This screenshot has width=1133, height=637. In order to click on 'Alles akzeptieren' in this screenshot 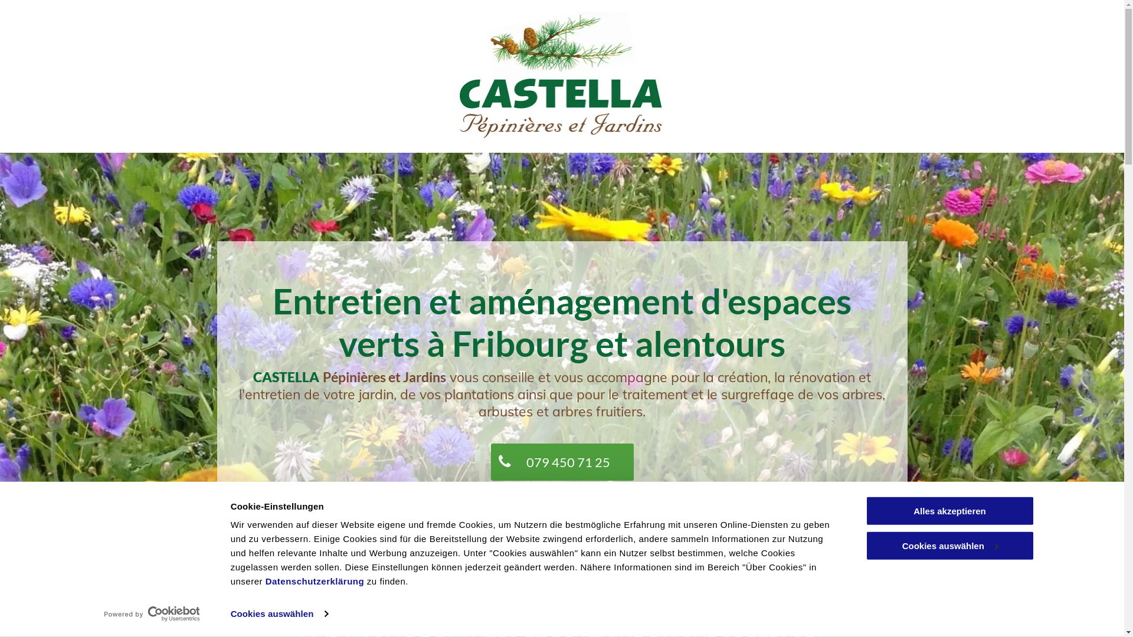, I will do `click(949, 510)`.